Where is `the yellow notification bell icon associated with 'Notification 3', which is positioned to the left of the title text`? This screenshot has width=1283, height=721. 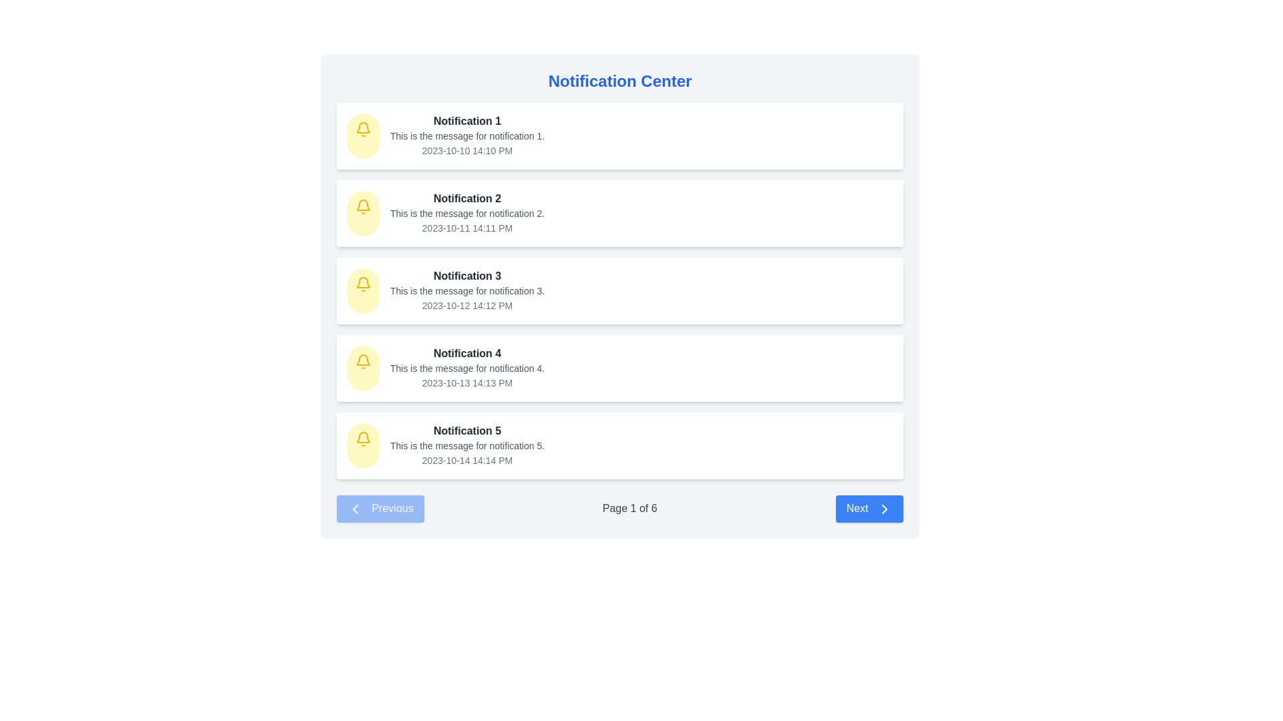 the yellow notification bell icon associated with 'Notification 3', which is positioned to the left of the title text is located at coordinates (363, 439).